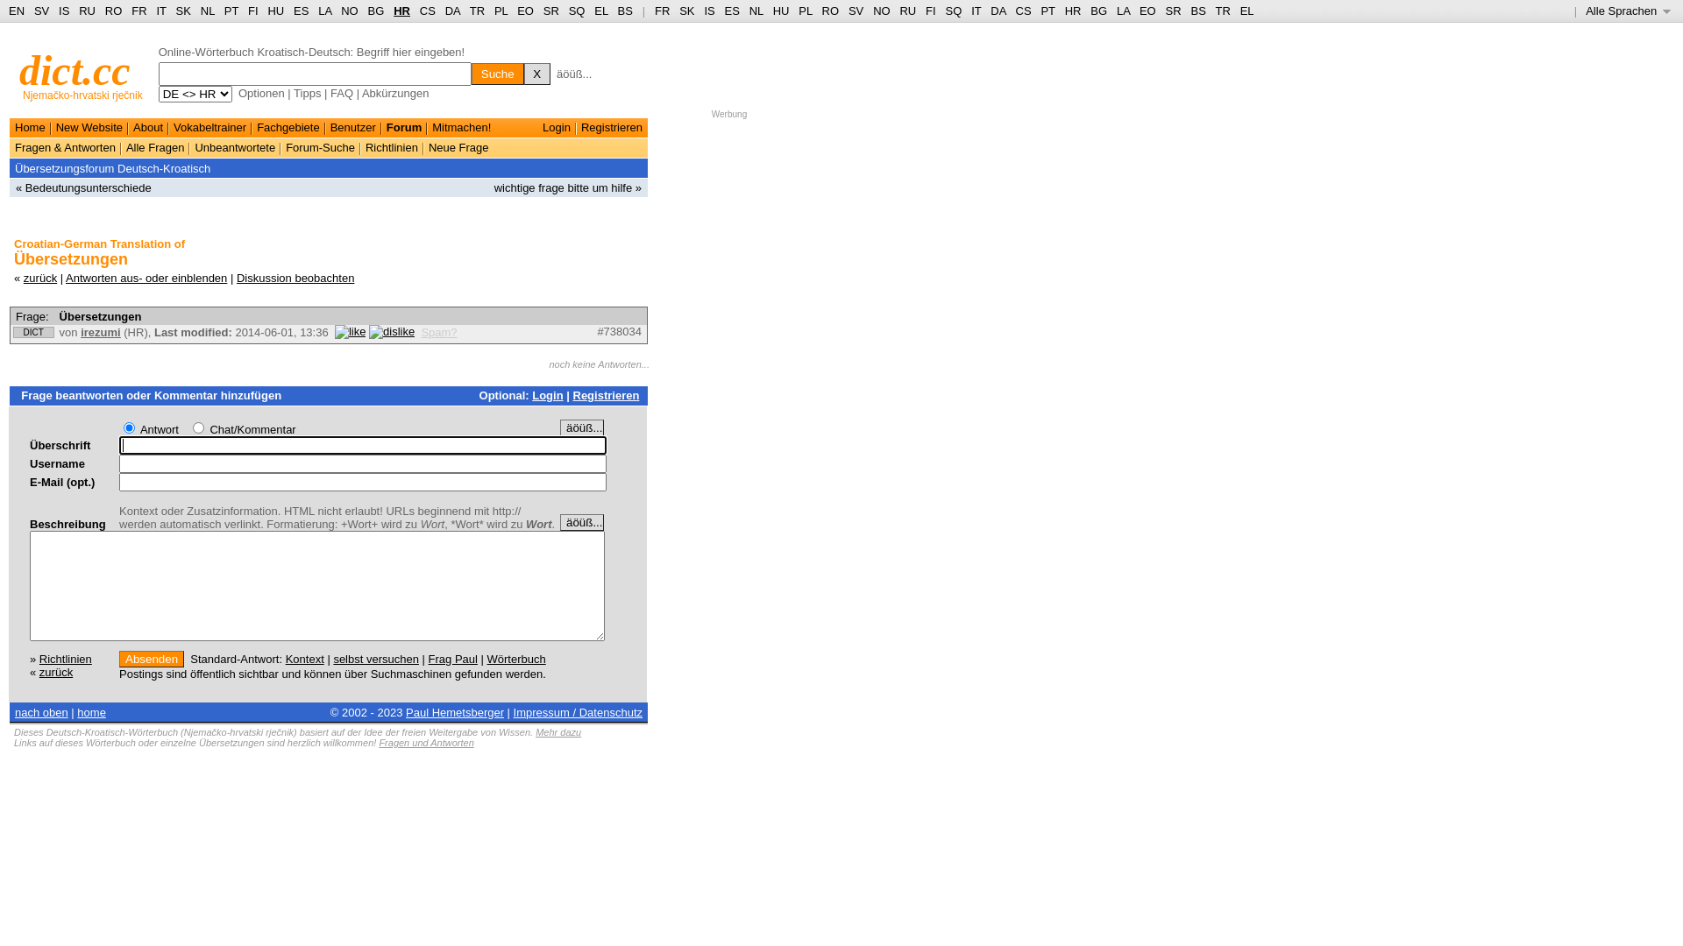 This screenshot has height=946, width=1683. Describe the element at coordinates (685, 11) in the screenshot. I see `'SK'` at that location.